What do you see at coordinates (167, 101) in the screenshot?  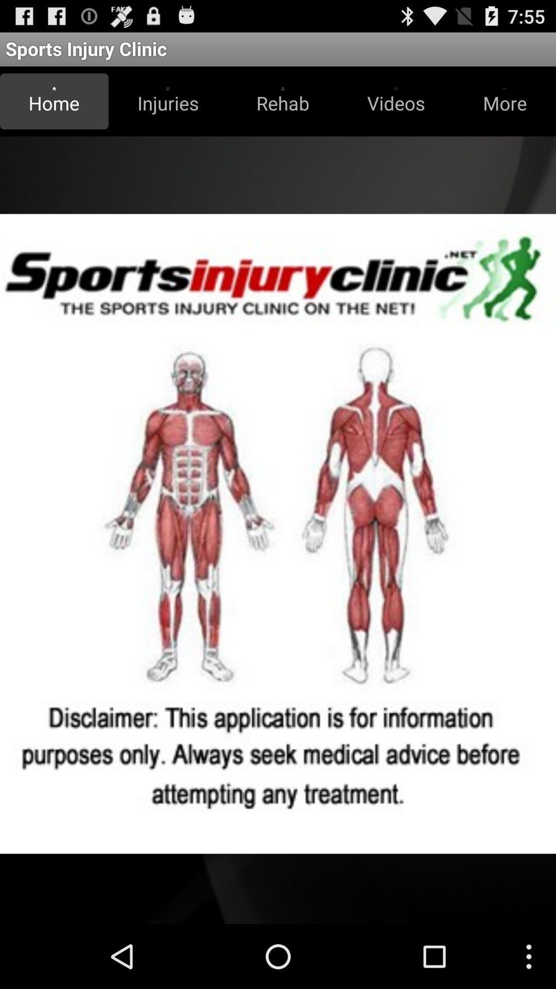 I see `the icon next to home` at bounding box center [167, 101].